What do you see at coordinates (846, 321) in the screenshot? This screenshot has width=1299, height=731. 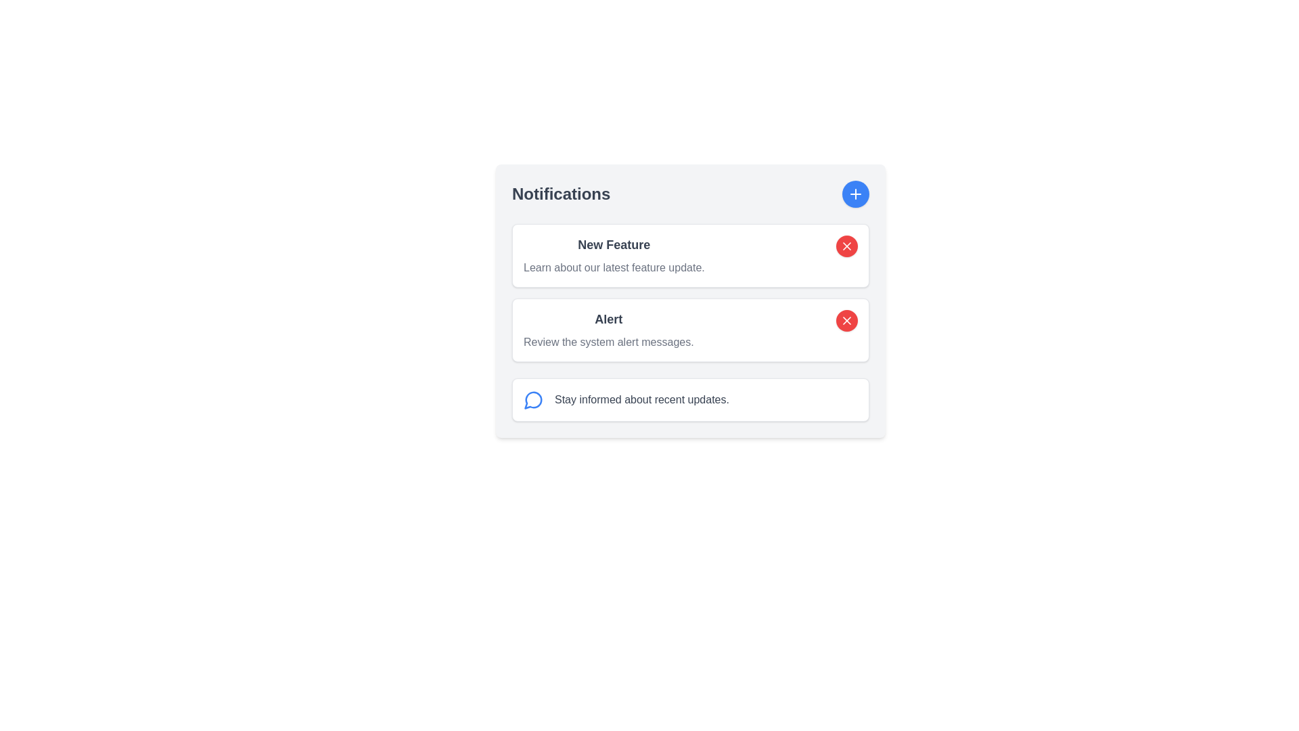 I see `the dismiss button located on the right side of the 'Alert' section in the second notification card` at bounding box center [846, 321].